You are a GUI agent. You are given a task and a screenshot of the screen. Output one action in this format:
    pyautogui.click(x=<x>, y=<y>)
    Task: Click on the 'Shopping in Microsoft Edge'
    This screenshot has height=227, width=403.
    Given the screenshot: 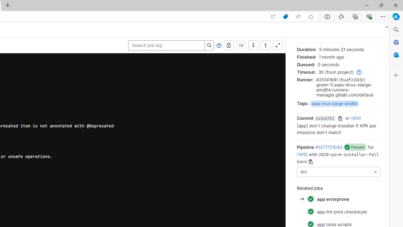 What is the action you would take?
    pyautogui.click(x=285, y=16)
    